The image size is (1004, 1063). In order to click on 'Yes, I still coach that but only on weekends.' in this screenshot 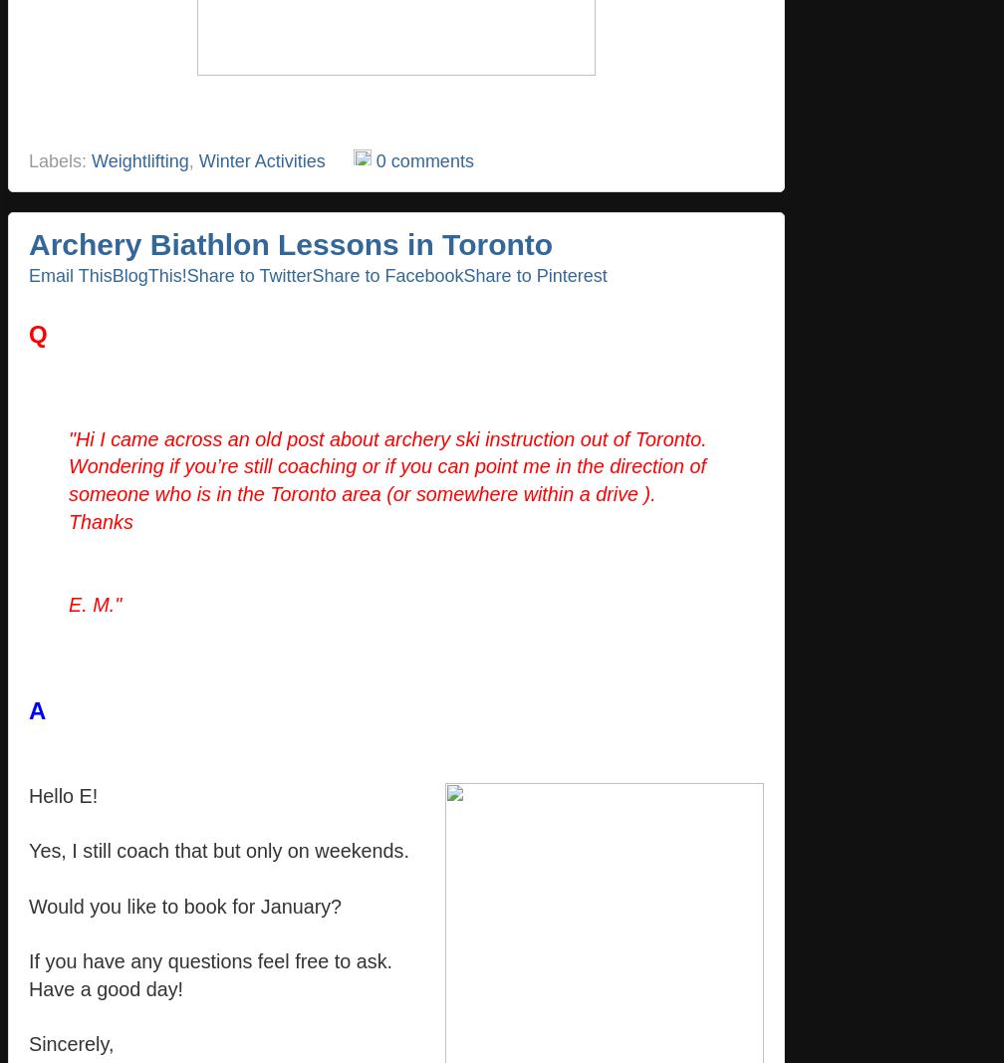, I will do `click(29, 850)`.